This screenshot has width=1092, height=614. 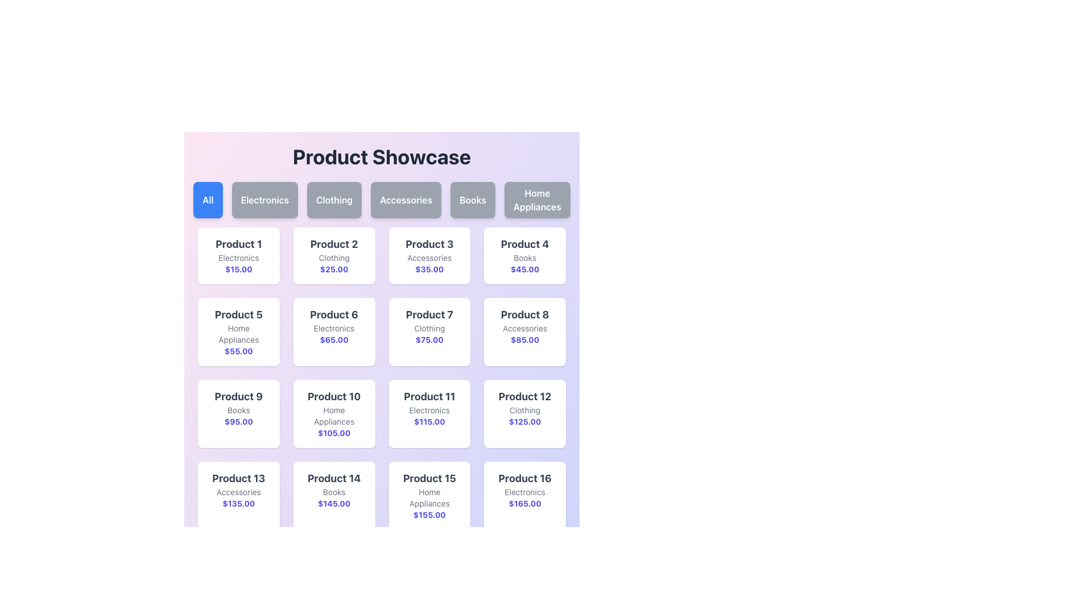 What do you see at coordinates (264, 199) in the screenshot?
I see `the 'Electronics' category filter button, which is the second button in a row of six buttons below the 'Product Showcase' title` at bounding box center [264, 199].